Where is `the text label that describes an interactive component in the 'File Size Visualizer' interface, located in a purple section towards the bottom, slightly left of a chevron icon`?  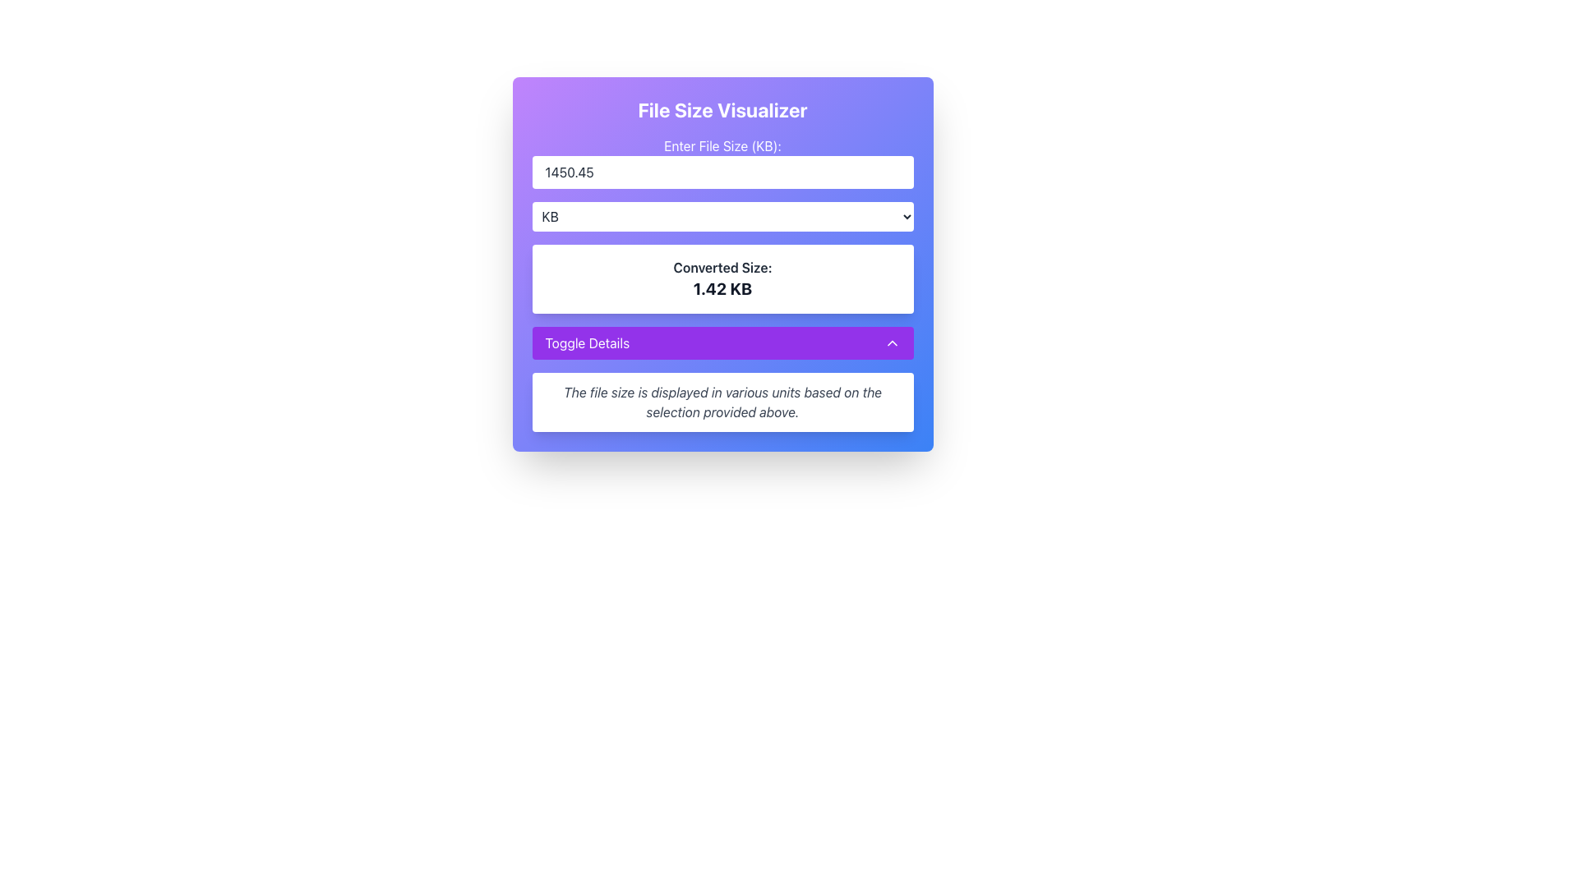
the text label that describes an interactive component in the 'File Size Visualizer' interface, located in a purple section towards the bottom, slightly left of a chevron icon is located at coordinates (587, 342).